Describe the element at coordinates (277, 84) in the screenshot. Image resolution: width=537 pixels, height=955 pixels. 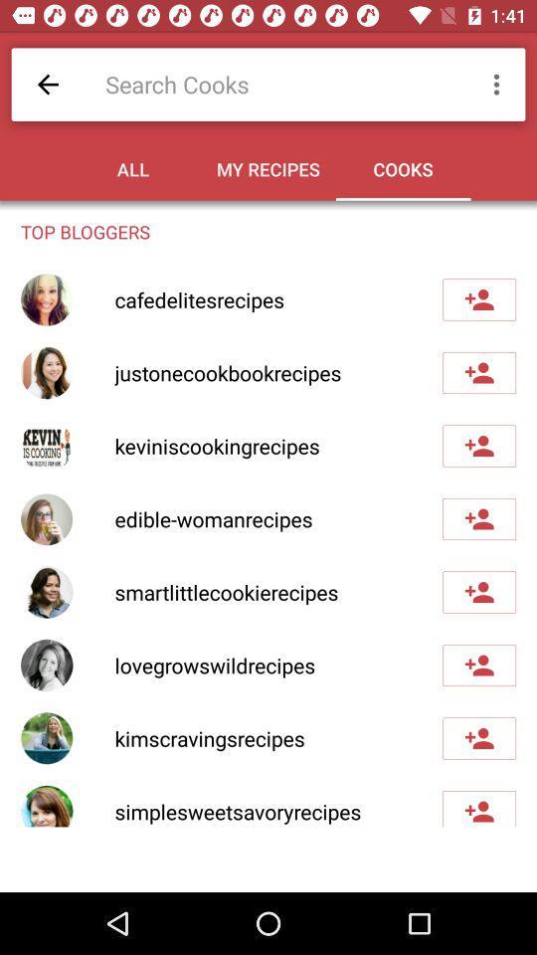
I see `search` at that location.